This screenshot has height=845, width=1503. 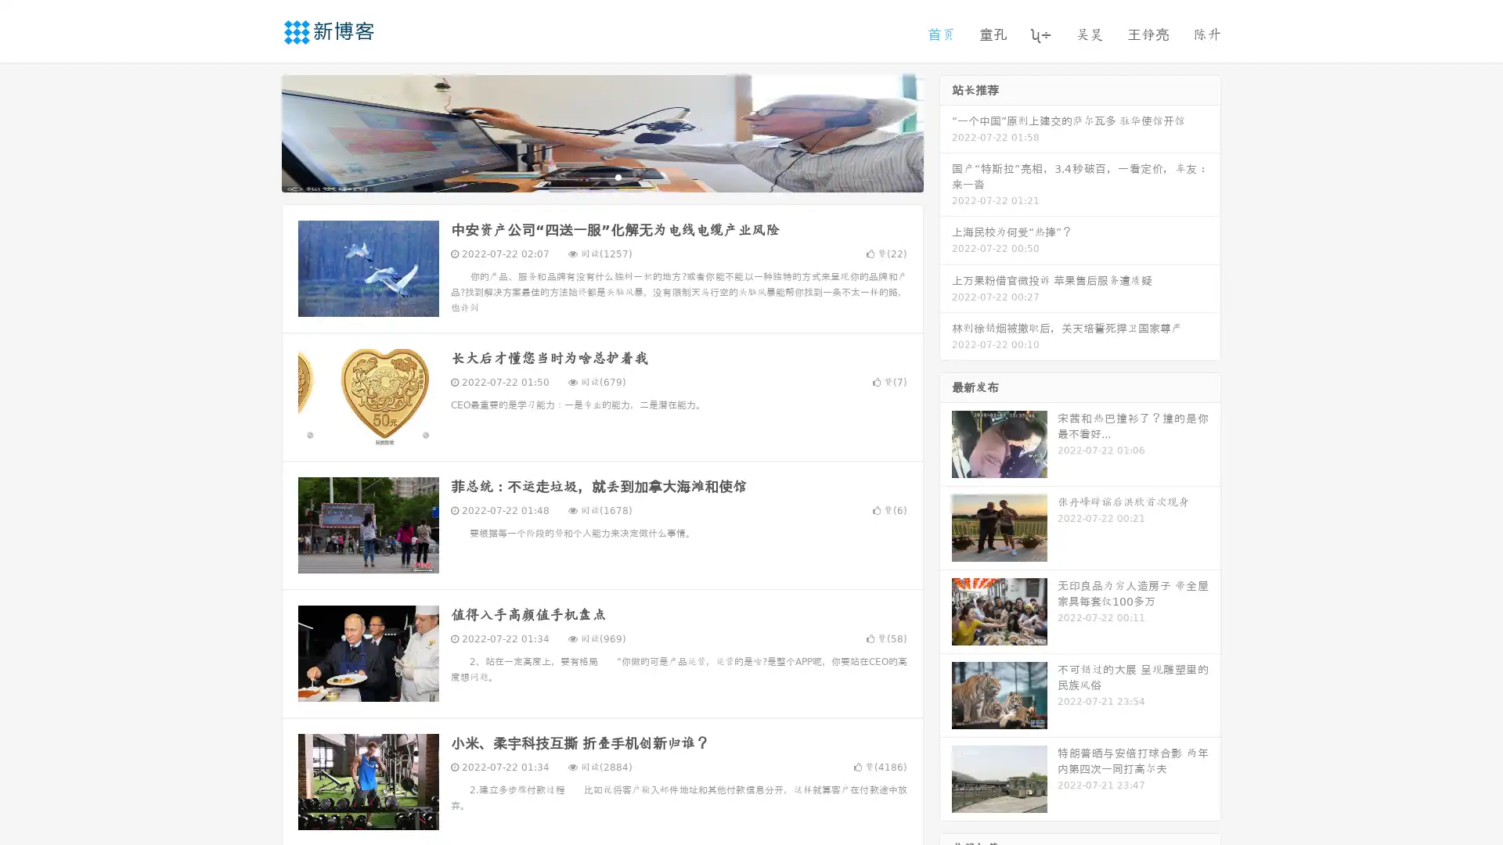 I want to click on Go to slide 1, so click(x=586, y=176).